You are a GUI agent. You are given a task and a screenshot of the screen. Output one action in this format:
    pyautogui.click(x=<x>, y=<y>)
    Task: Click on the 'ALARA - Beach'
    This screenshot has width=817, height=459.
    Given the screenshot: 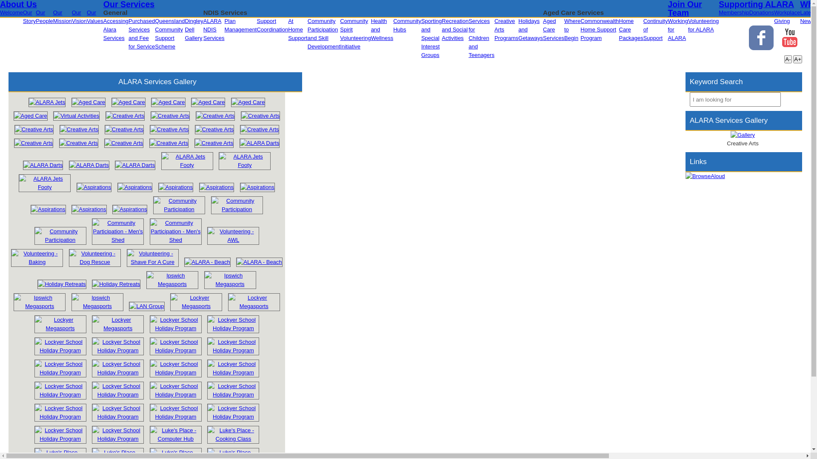 What is the action you would take?
    pyautogui.click(x=234, y=261)
    